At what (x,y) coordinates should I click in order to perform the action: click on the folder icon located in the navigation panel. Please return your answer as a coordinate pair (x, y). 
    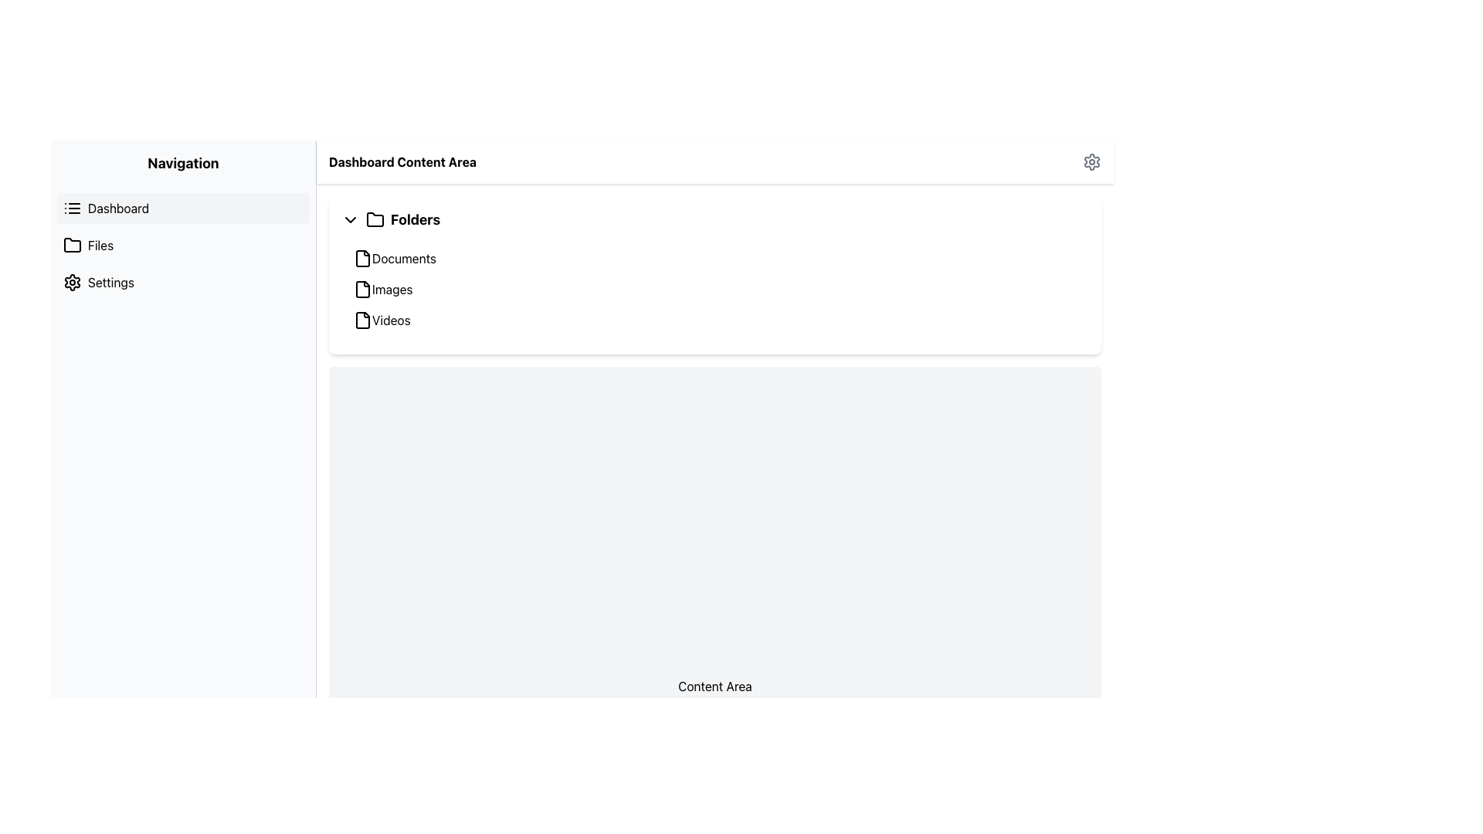
    Looking at the image, I should click on (72, 244).